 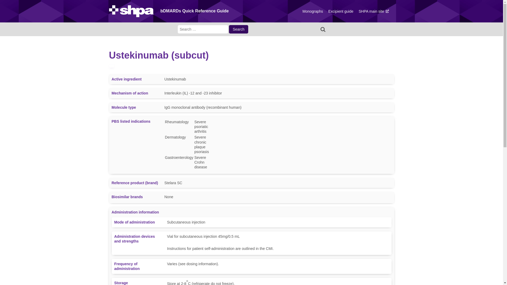 What do you see at coordinates (313, 11) in the screenshot?
I see `'Monographs'` at bounding box center [313, 11].